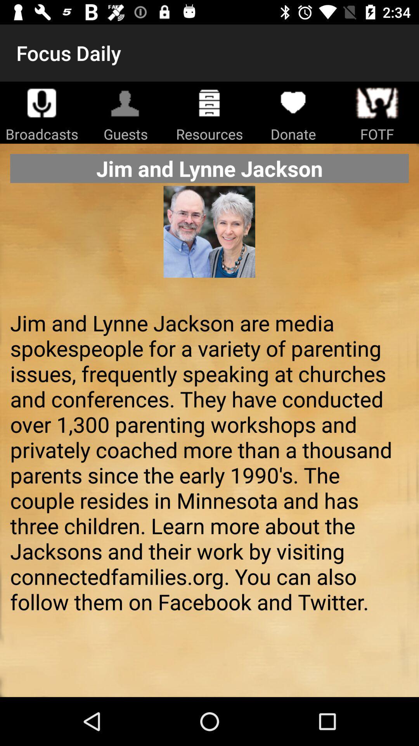 This screenshot has width=419, height=746. Describe the element at coordinates (42, 102) in the screenshot. I see `the icon left to icon guests` at that location.